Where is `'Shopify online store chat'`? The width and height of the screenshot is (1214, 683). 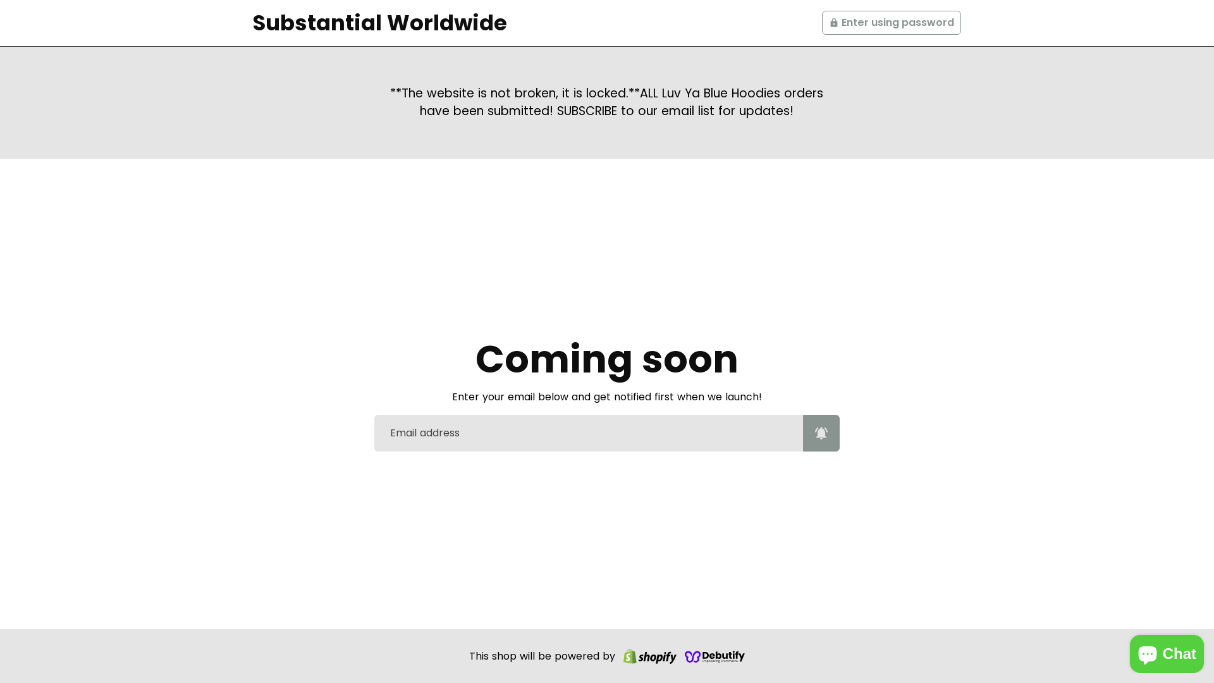 'Shopify online store chat' is located at coordinates (1166, 651).